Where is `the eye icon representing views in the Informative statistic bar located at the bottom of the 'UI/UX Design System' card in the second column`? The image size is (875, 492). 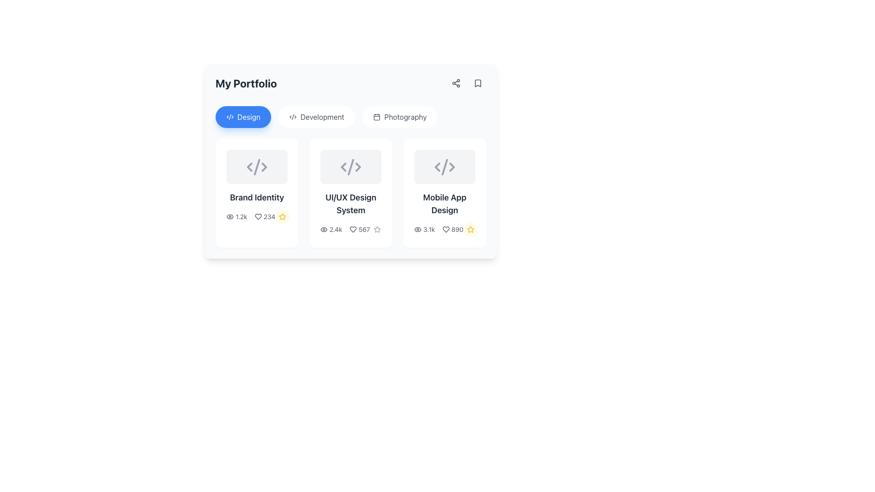 the eye icon representing views in the Informative statistic bar located at the bottom of the 'UI/UX Design System' card in the second column is located at coordinates (350, 229).